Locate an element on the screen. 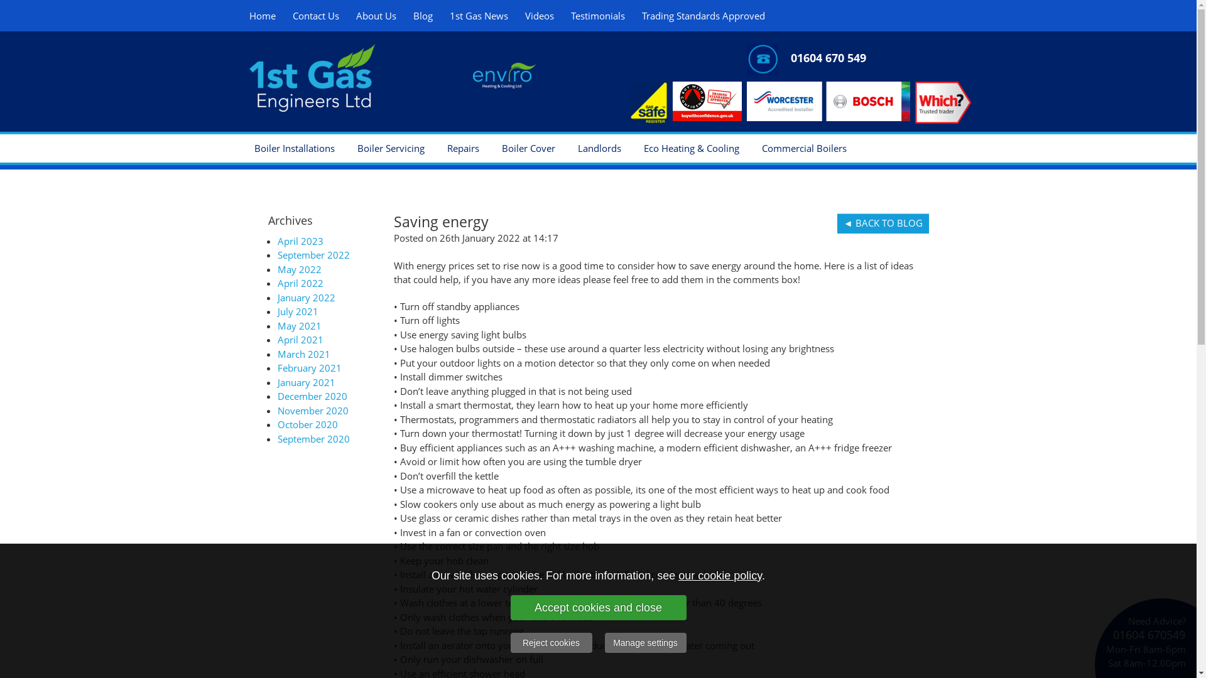 The height and width of the screenshot is (678, 1206). 'July 2021' is located at coordinates (297, 311).